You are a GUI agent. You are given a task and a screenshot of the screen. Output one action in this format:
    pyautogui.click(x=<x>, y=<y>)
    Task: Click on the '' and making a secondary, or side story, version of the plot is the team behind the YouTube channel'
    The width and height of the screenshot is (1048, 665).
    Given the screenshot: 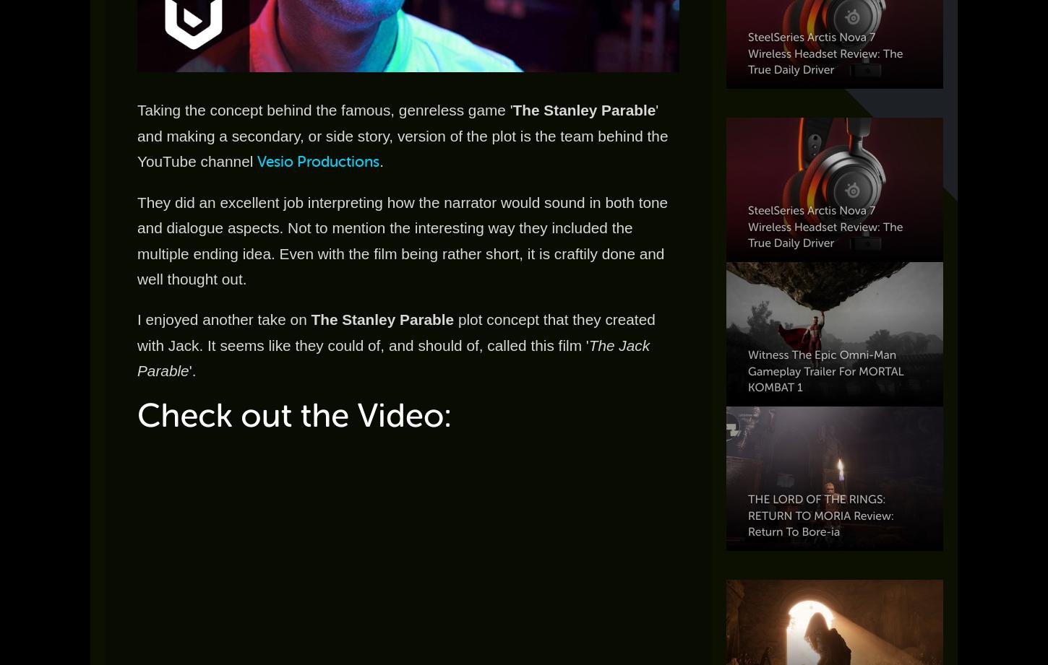 What is the action you would take?
    pyautogui.click(x=402, y=134)
    